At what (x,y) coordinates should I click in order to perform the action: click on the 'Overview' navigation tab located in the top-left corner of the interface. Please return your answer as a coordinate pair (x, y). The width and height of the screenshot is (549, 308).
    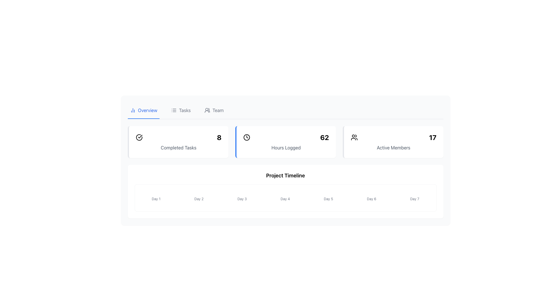
    Looking at the image, I should click on (147, 110).